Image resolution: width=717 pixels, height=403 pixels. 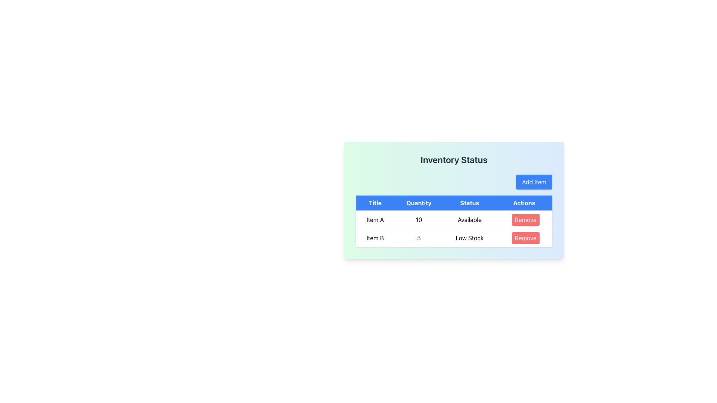 What do you see at coordinates (469, 219) in the screenshot?
I see `availability status text from the Text Label located in the third column labeled 'Status' of the first row under 'Inventory Status'` at bounding box center [469, 219].